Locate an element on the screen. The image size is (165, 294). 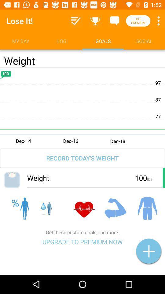
icon above the goals item is located at coordinates (114, 21).